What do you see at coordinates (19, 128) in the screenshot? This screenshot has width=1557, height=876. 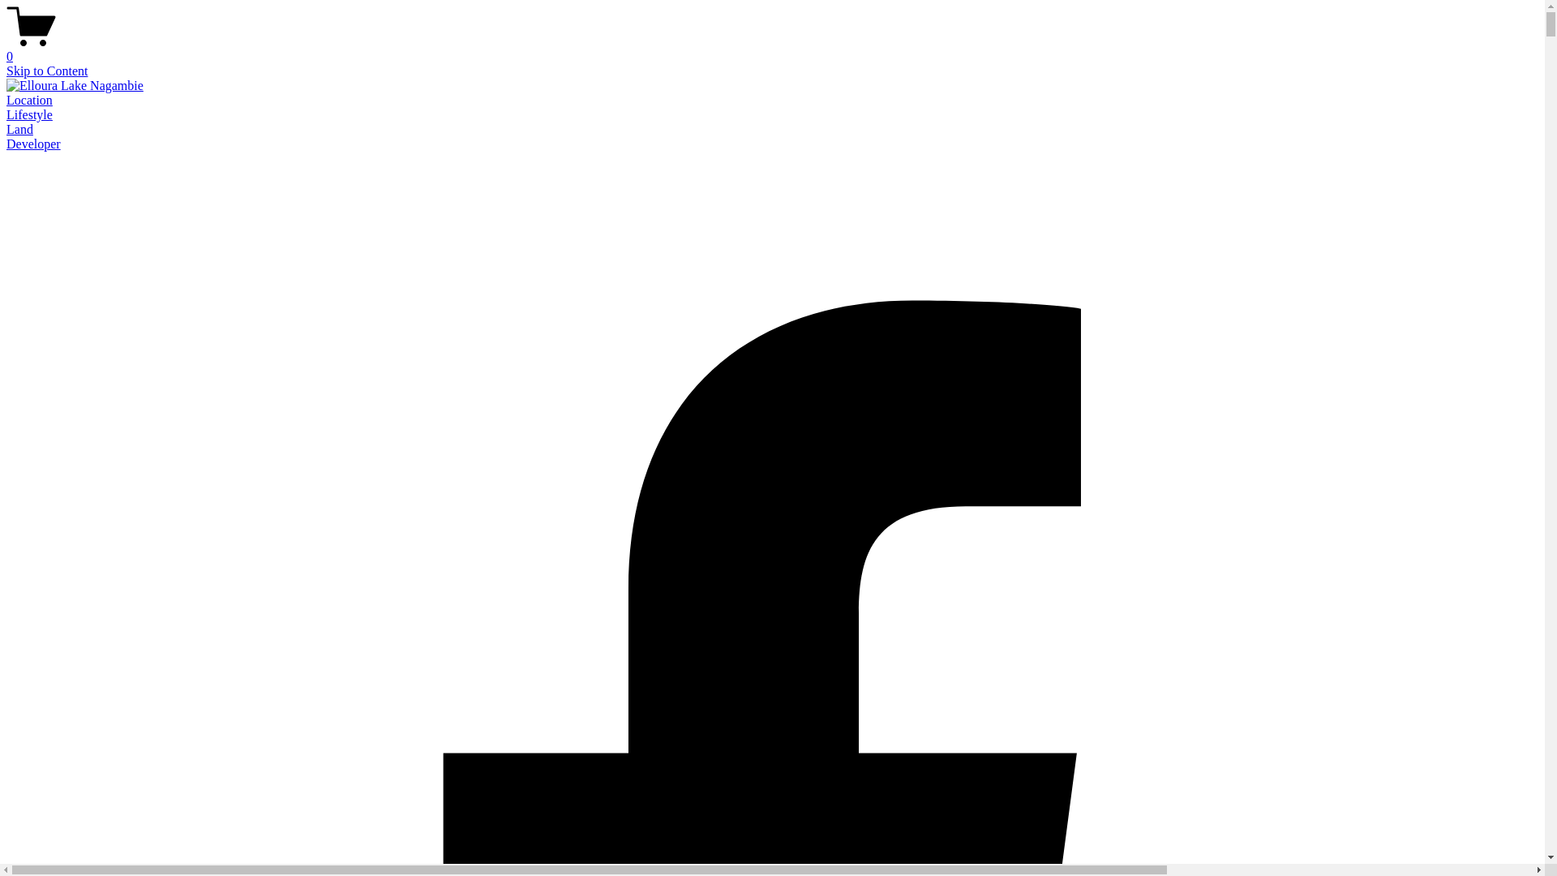 I see `'Land'` at bounding box center [19, 128].